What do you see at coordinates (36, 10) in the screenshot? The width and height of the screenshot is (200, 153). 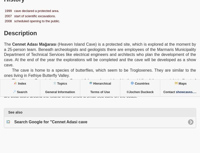 I see `'cave declared a protected area.'` at bounding box center [36, 10].